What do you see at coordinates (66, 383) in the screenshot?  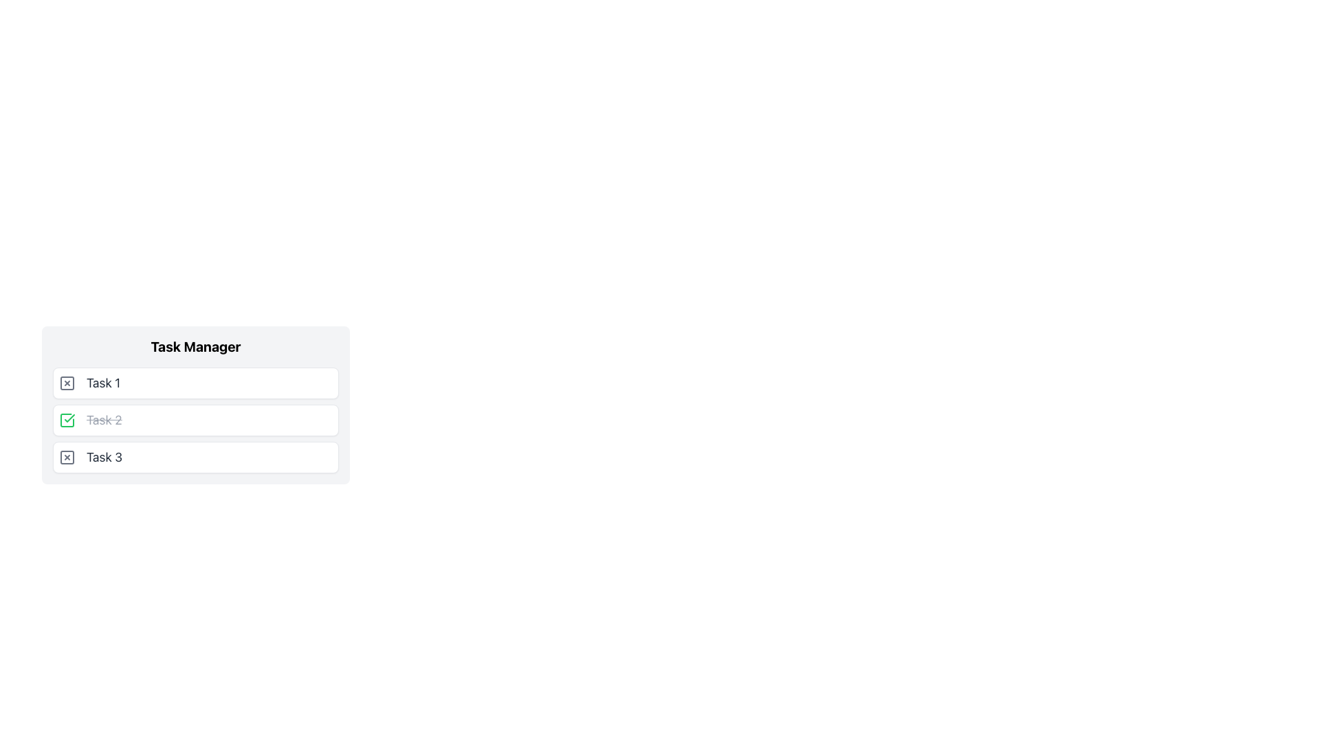 I see `the background square of the icon depicting a close or delete action ('X' symbol) located in the first task row of the task manager interface, positioned to the left of the text 'Task 1'` at bounding box center [66, 383].